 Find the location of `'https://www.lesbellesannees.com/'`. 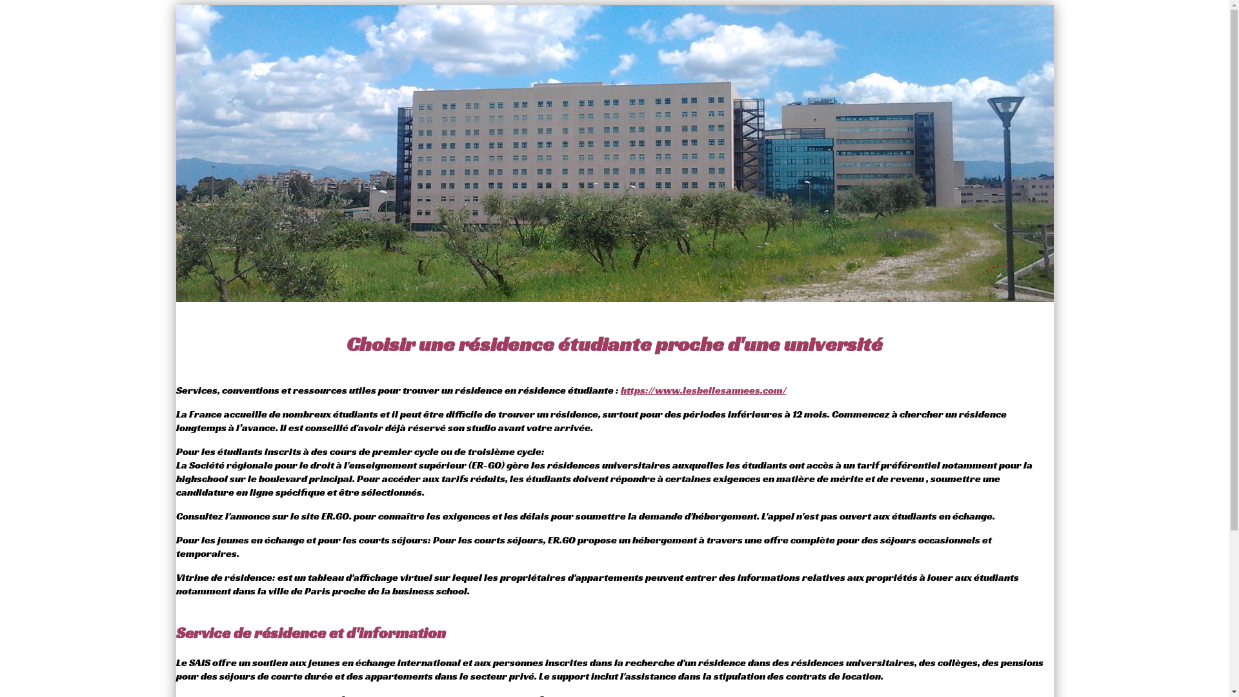

'https://www.lesbellesannees.com/' is located at coordinates (703, 389).